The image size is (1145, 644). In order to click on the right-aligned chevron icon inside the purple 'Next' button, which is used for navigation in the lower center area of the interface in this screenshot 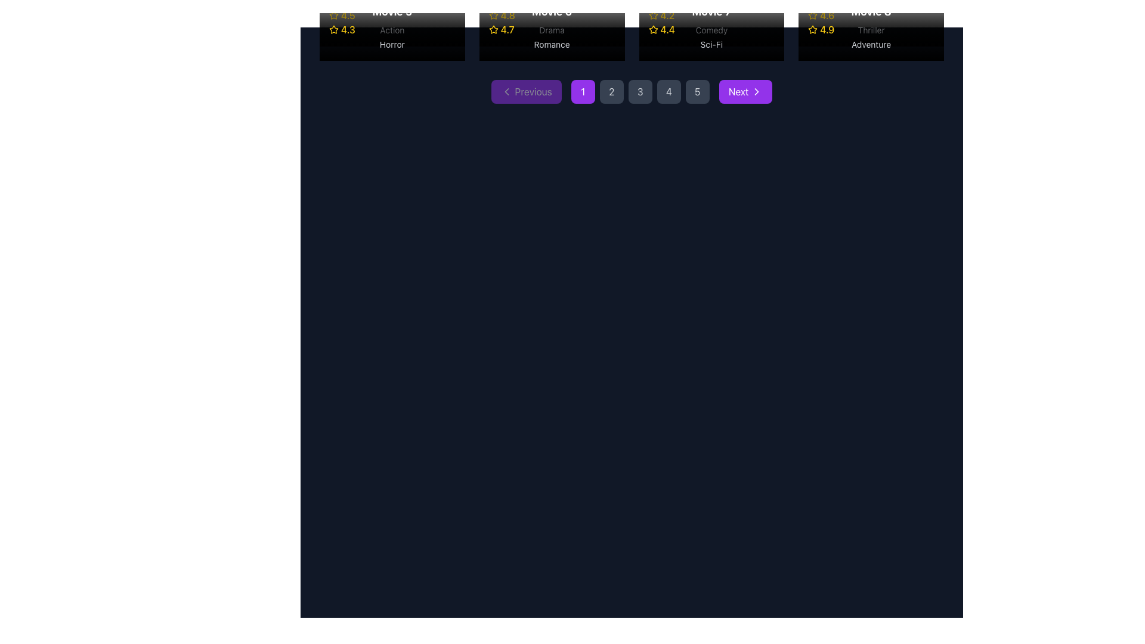, I will do `click(756, 91)`.